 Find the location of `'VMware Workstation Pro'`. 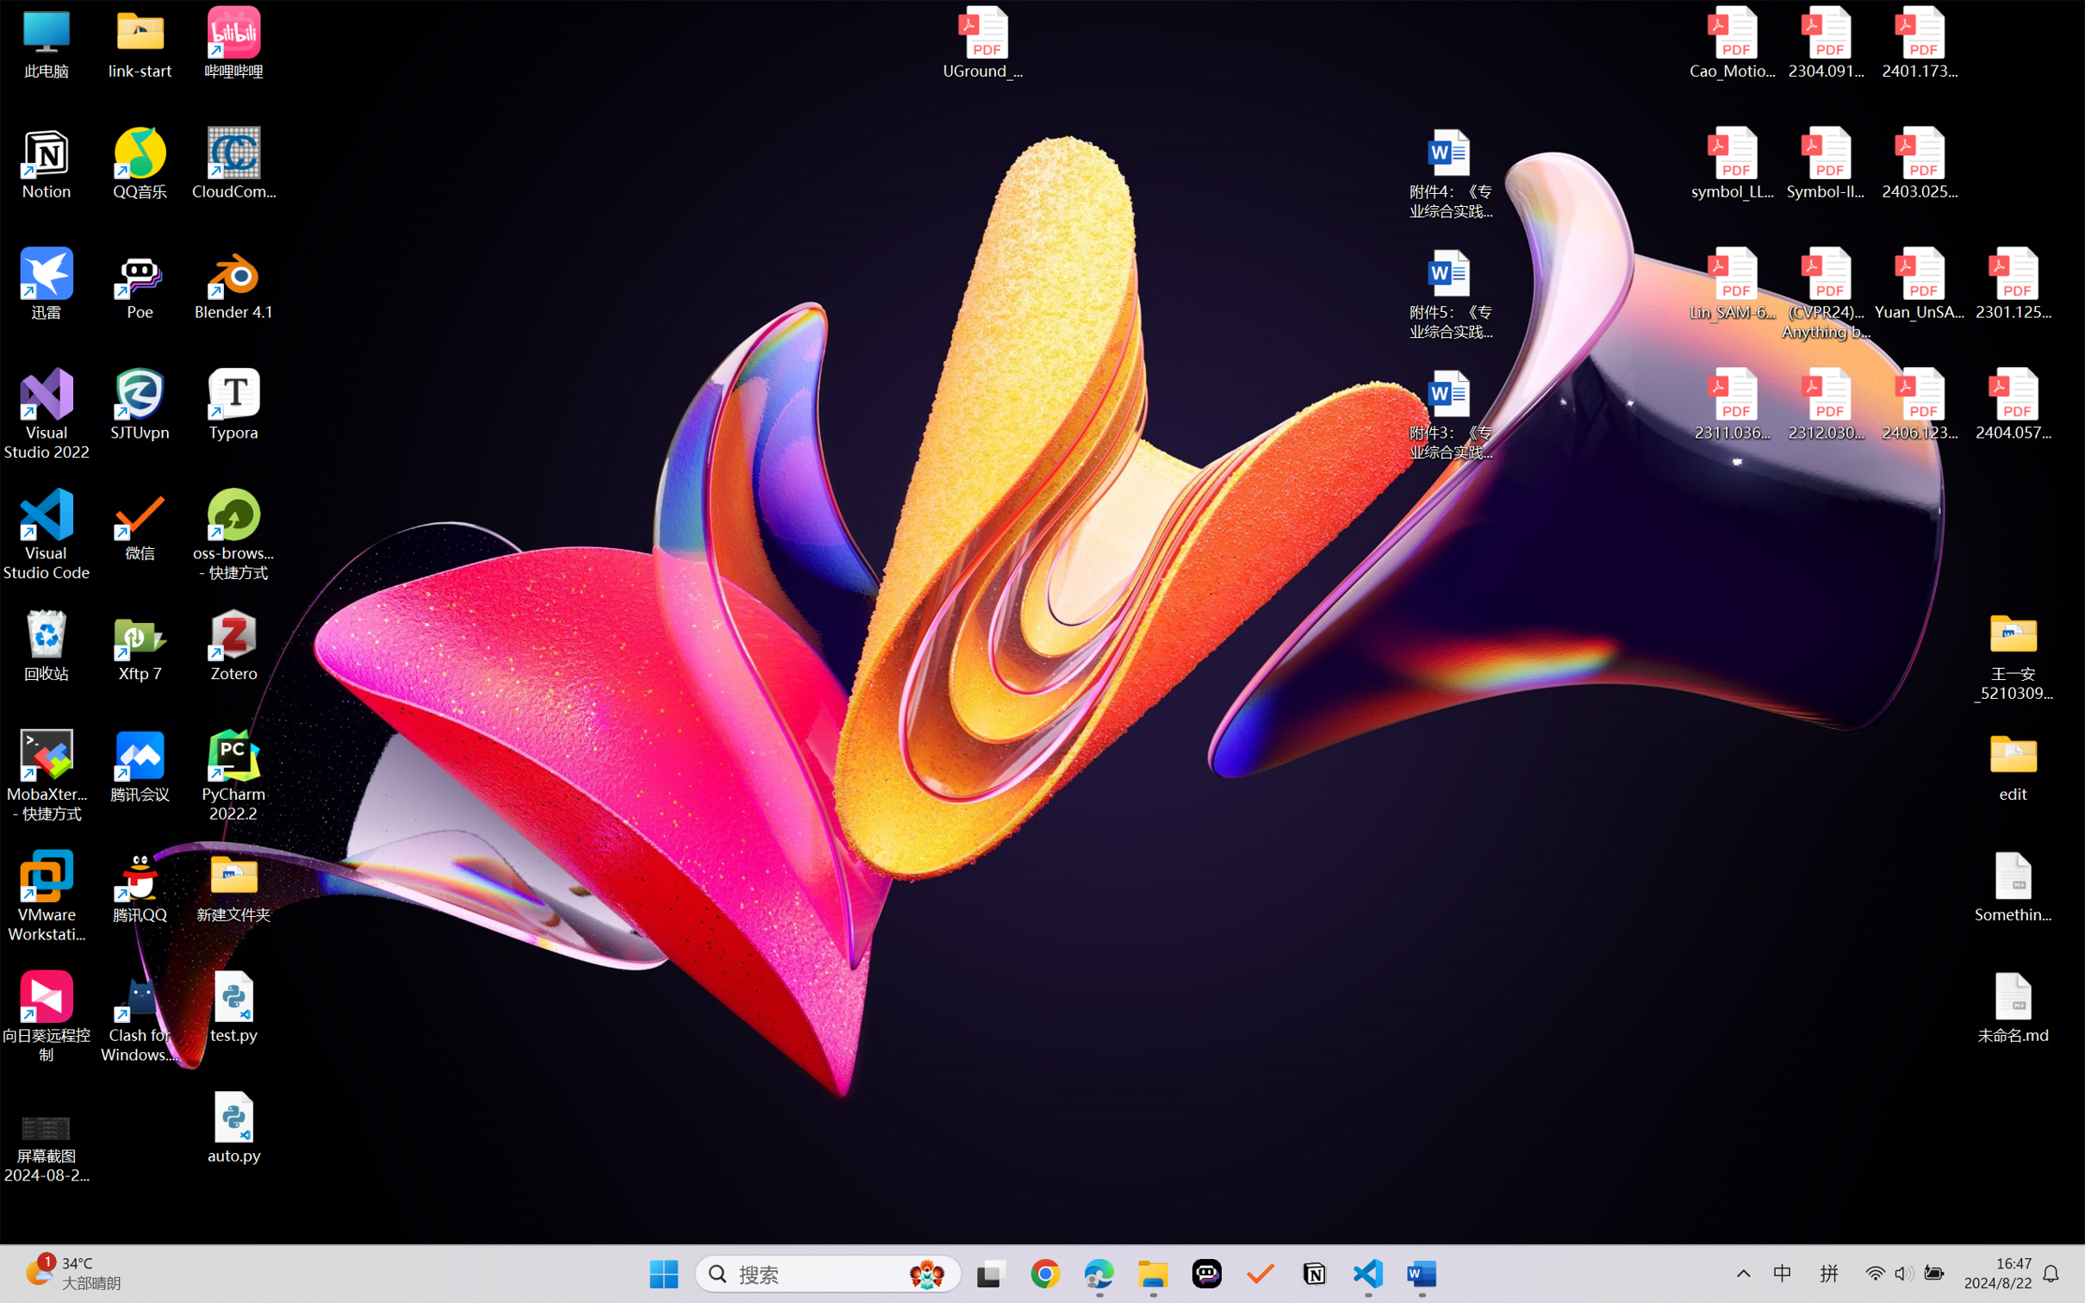

'VMware Workstation Pro' is located at coordinates (46, 896).